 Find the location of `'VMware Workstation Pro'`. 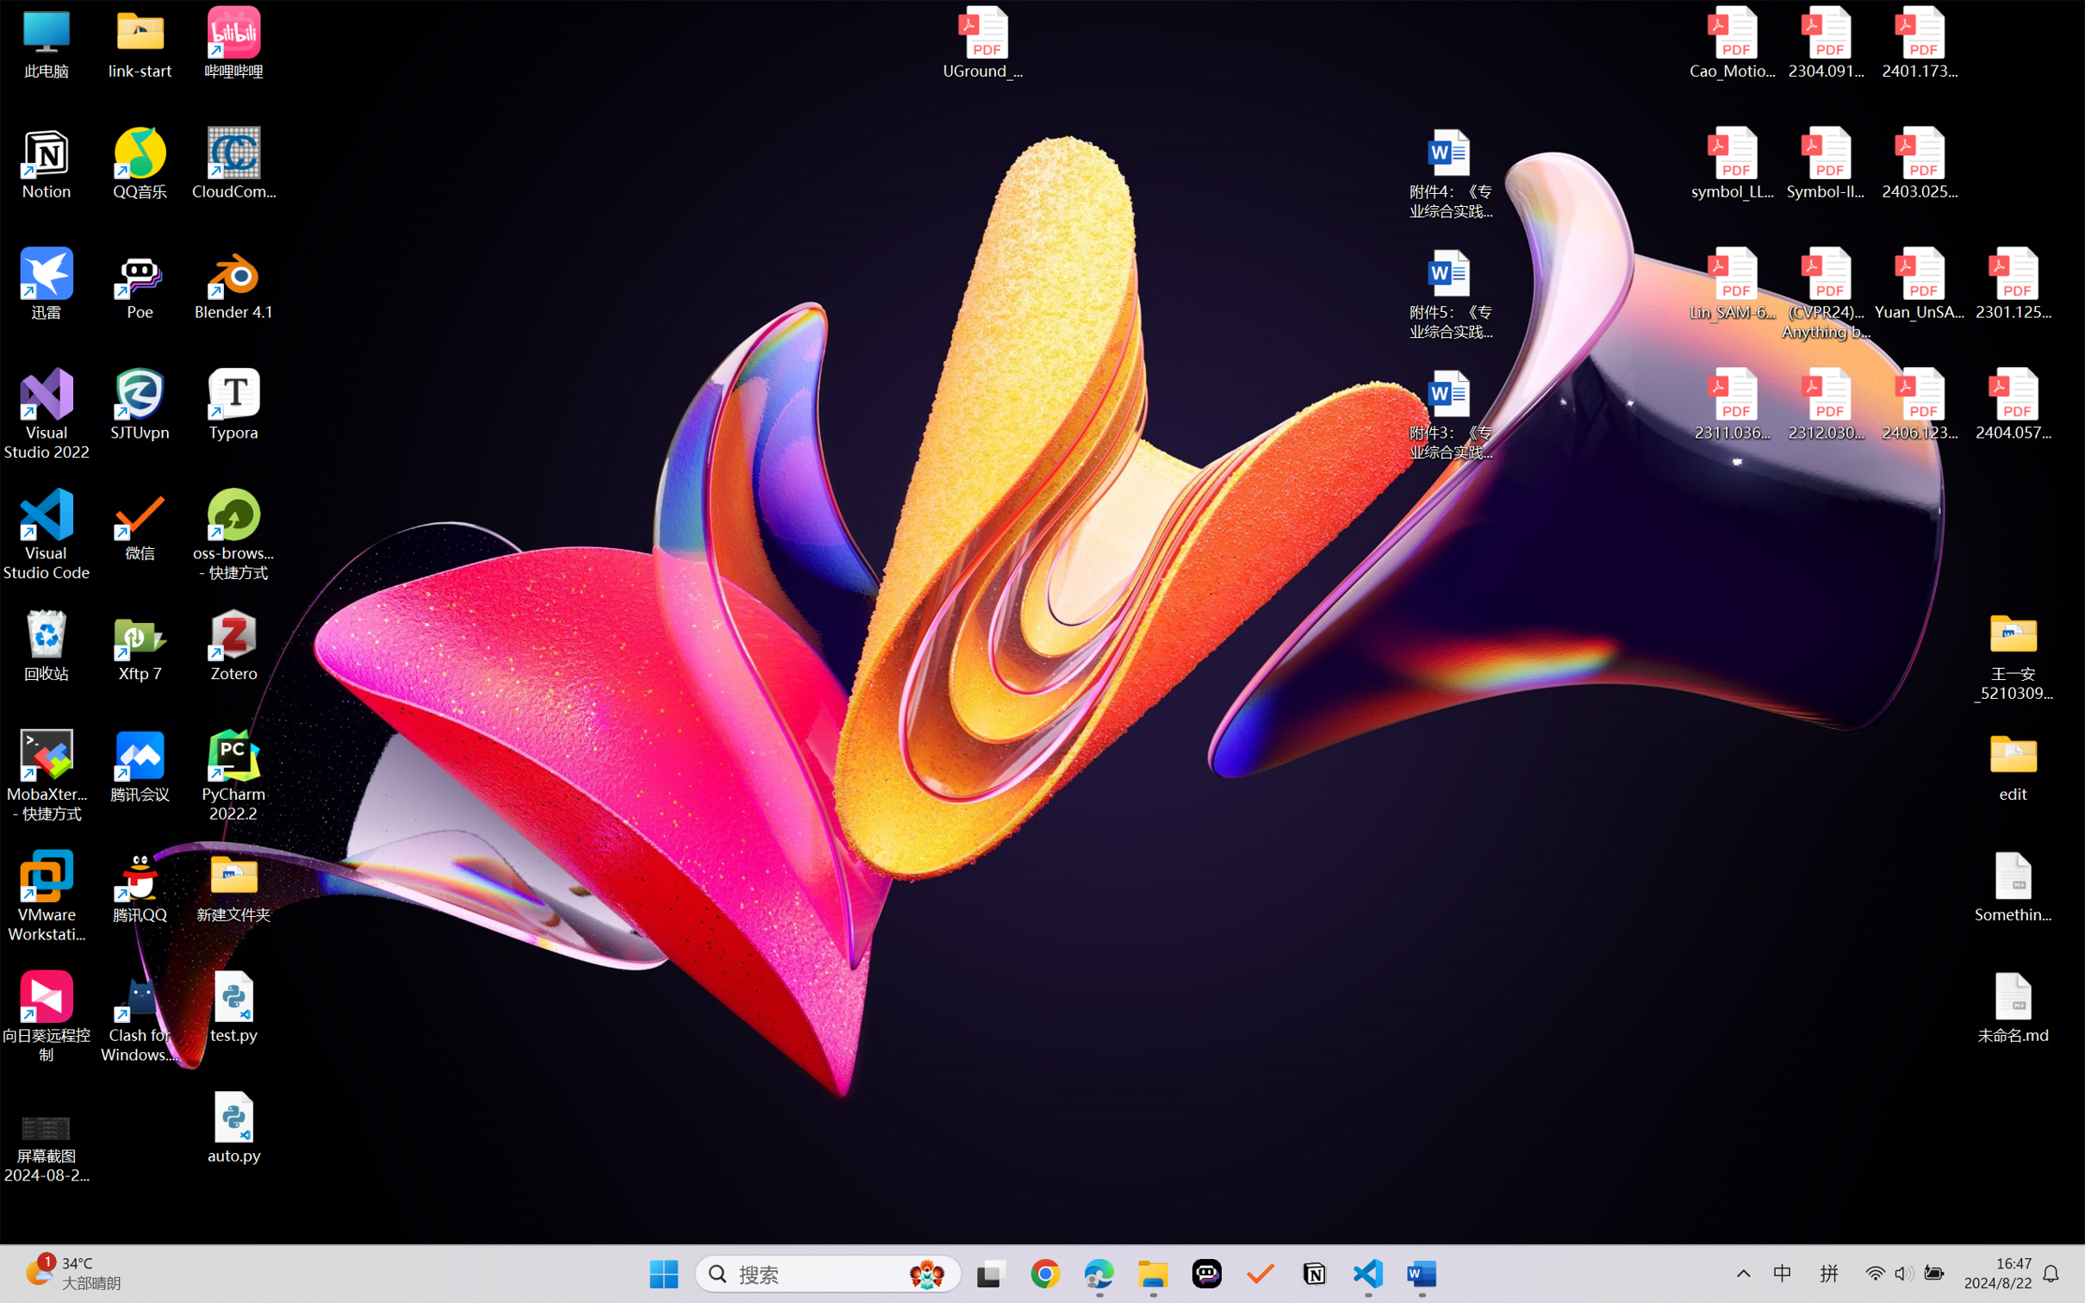

'VMware Workstation Pro' is located at coordinates (46, 896).